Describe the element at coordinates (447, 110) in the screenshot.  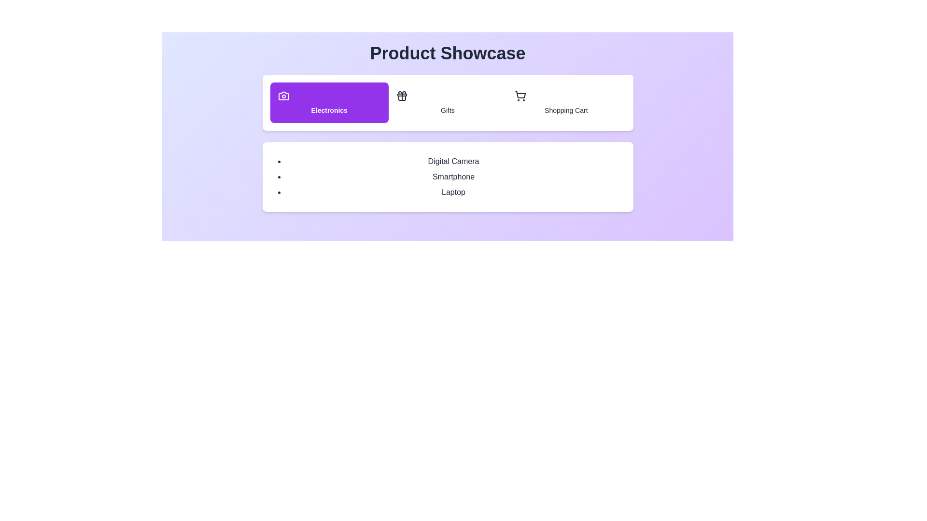
I see `the Text label that describes the functionality related to gifts, located centrally in the navigation bar between the 'Electronics' and 'Shopping Cart' buttons` at that location.